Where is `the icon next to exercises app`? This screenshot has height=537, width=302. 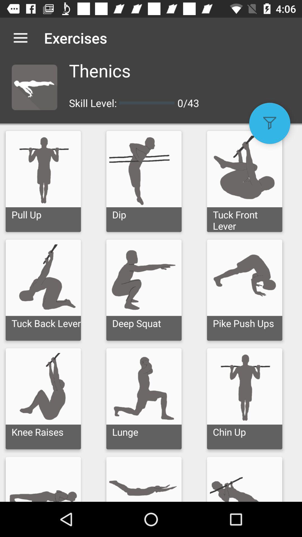
the icon next to exercises app is located at coordinates (20, 37).